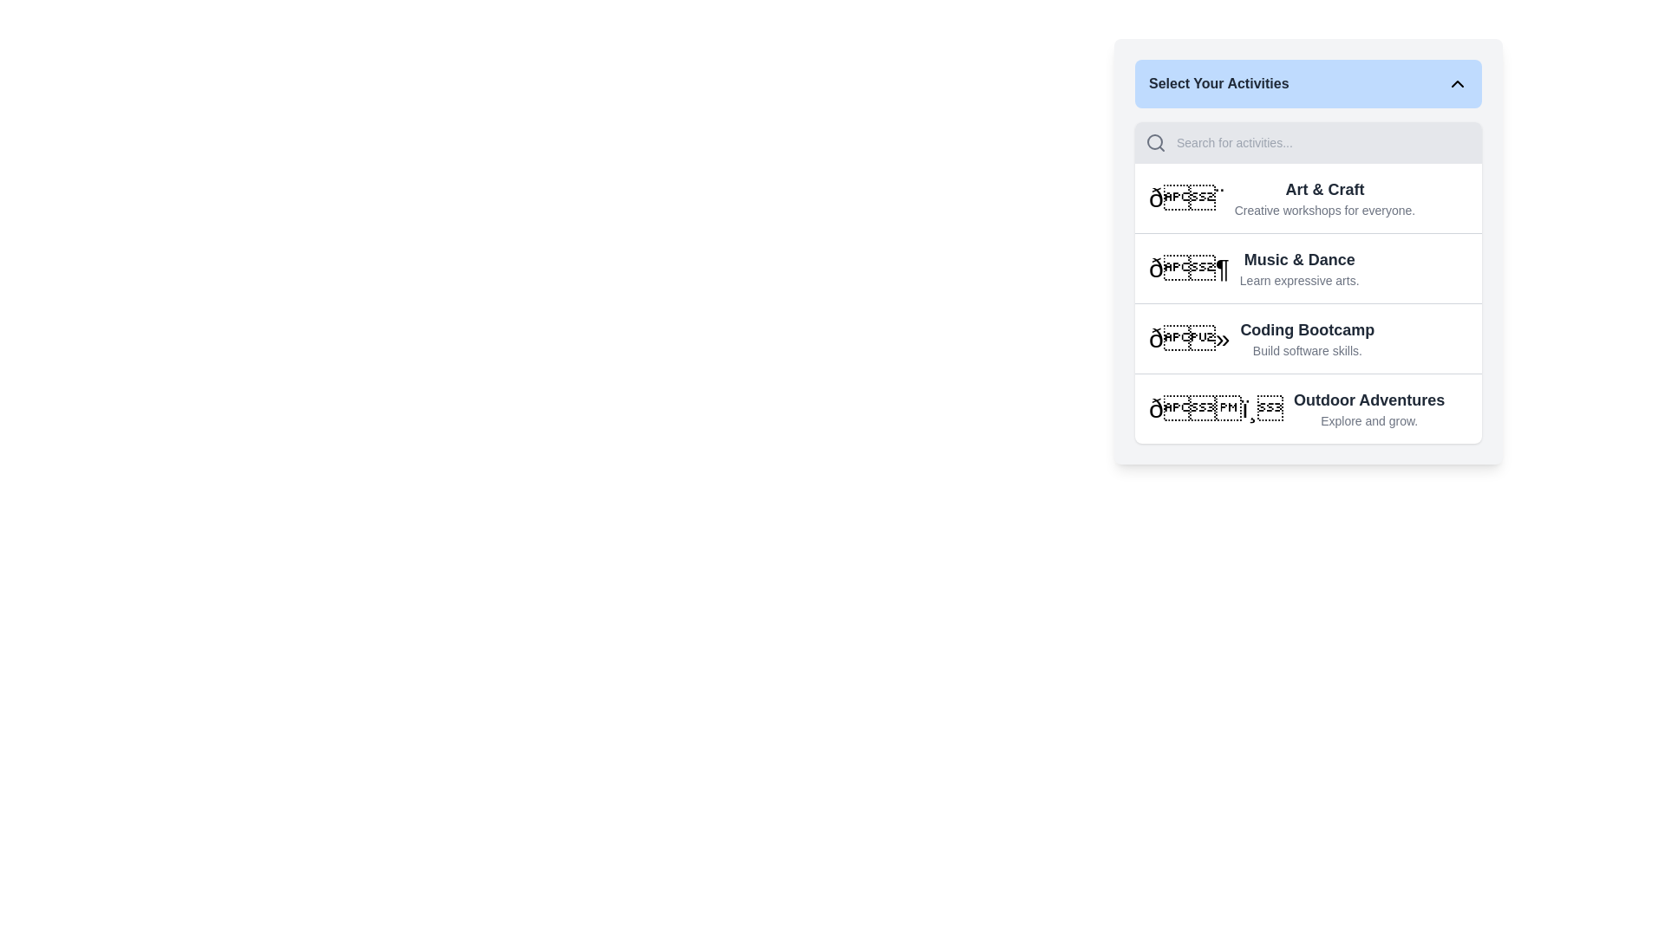 Image resolution: width=1665 pixels, height=936 pixels. I want to click on the chevron icon on the right side of the 'Select Your Activities' section to trigger the associated action for expanding or collapsing content, so click(1457, 83).